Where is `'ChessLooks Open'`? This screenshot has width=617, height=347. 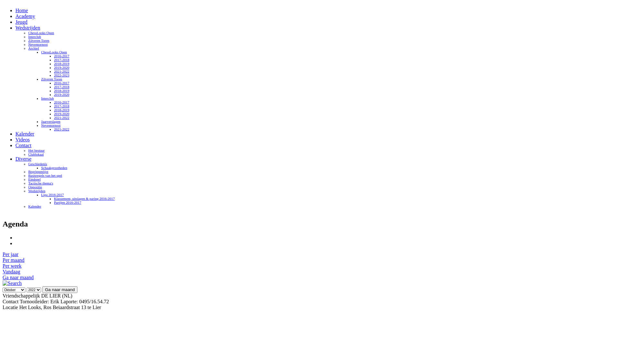 'ChessLooks Open' is located at coordinates (54, 52).